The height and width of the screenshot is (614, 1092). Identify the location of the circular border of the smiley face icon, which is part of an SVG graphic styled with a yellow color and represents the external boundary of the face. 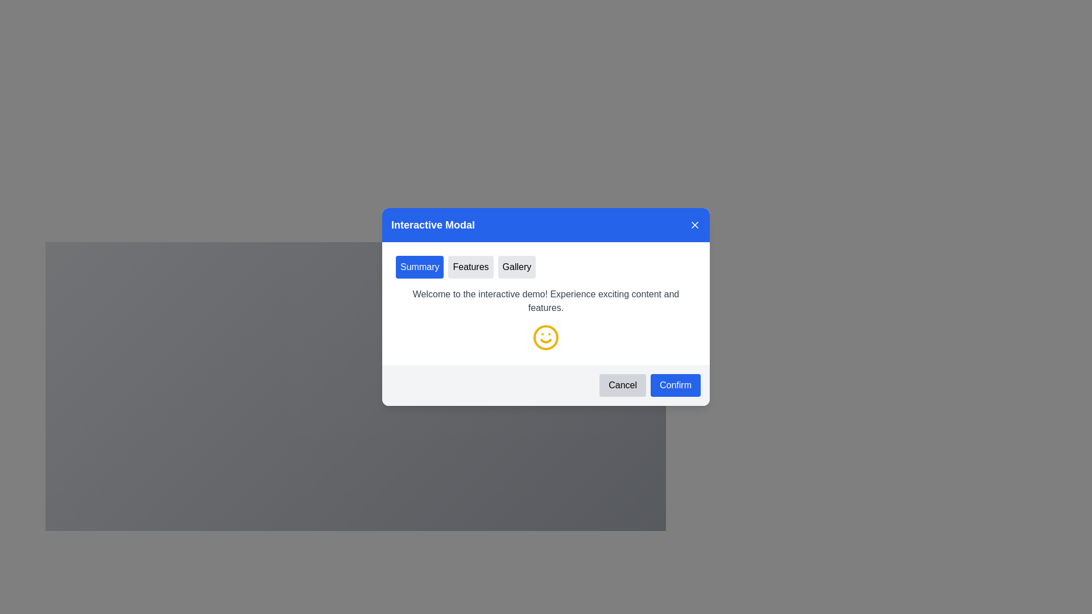
(546, 337).